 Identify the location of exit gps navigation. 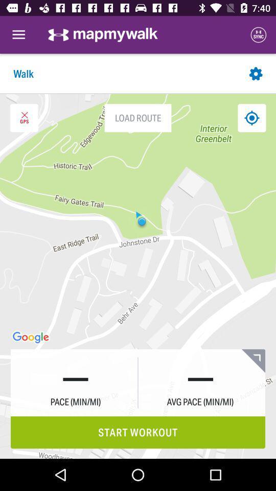
(24, 118).